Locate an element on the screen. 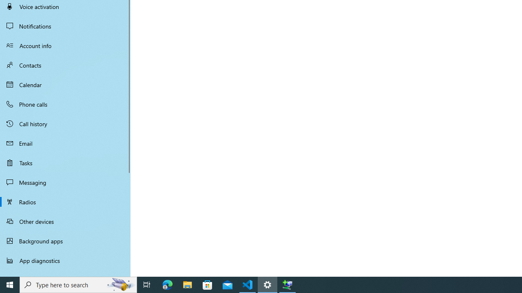 This screenshot has width=522, height=293. 'Type here to search' is located at coordinates (78, 284).